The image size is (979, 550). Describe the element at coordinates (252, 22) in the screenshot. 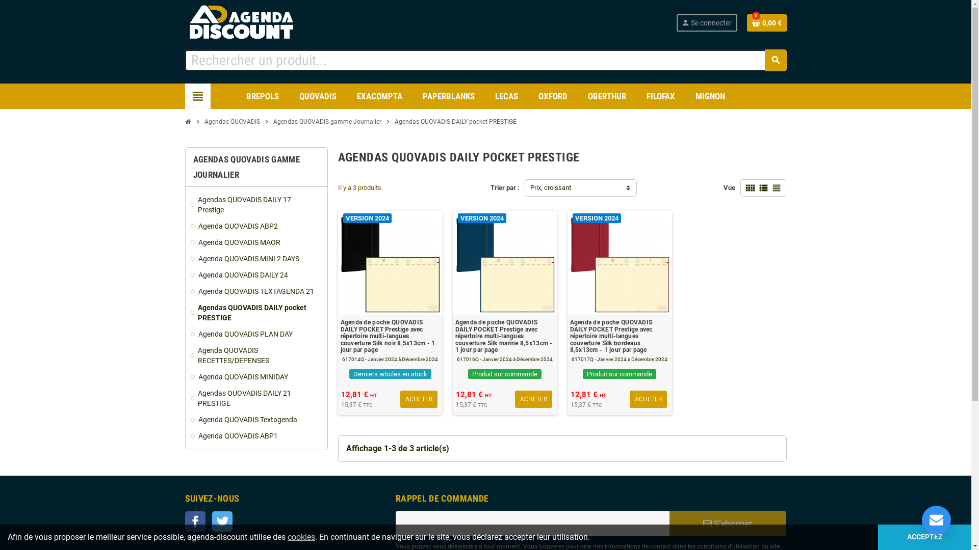

I see `'Agenda Discount semainiers et journaliers'` at that location.